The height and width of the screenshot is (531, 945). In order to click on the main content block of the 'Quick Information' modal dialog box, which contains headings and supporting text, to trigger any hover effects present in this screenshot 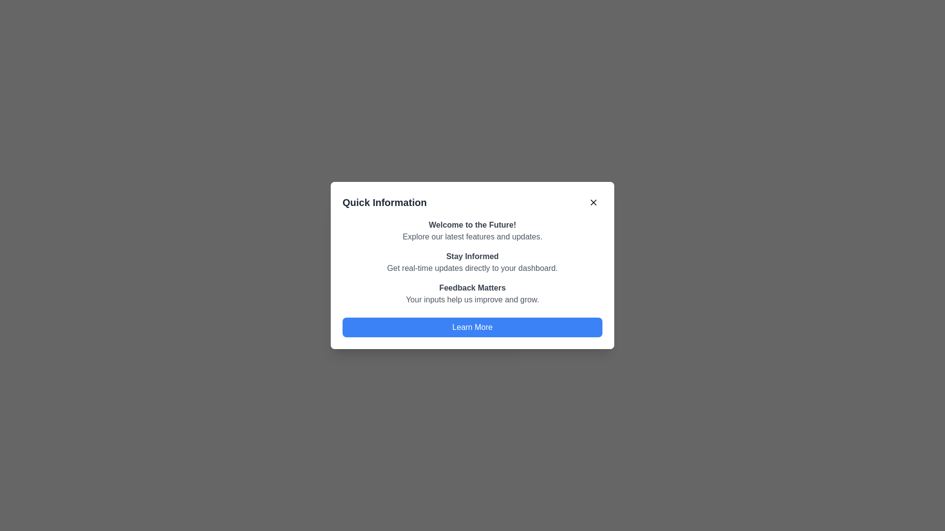, I will do `click(472, 262)`.